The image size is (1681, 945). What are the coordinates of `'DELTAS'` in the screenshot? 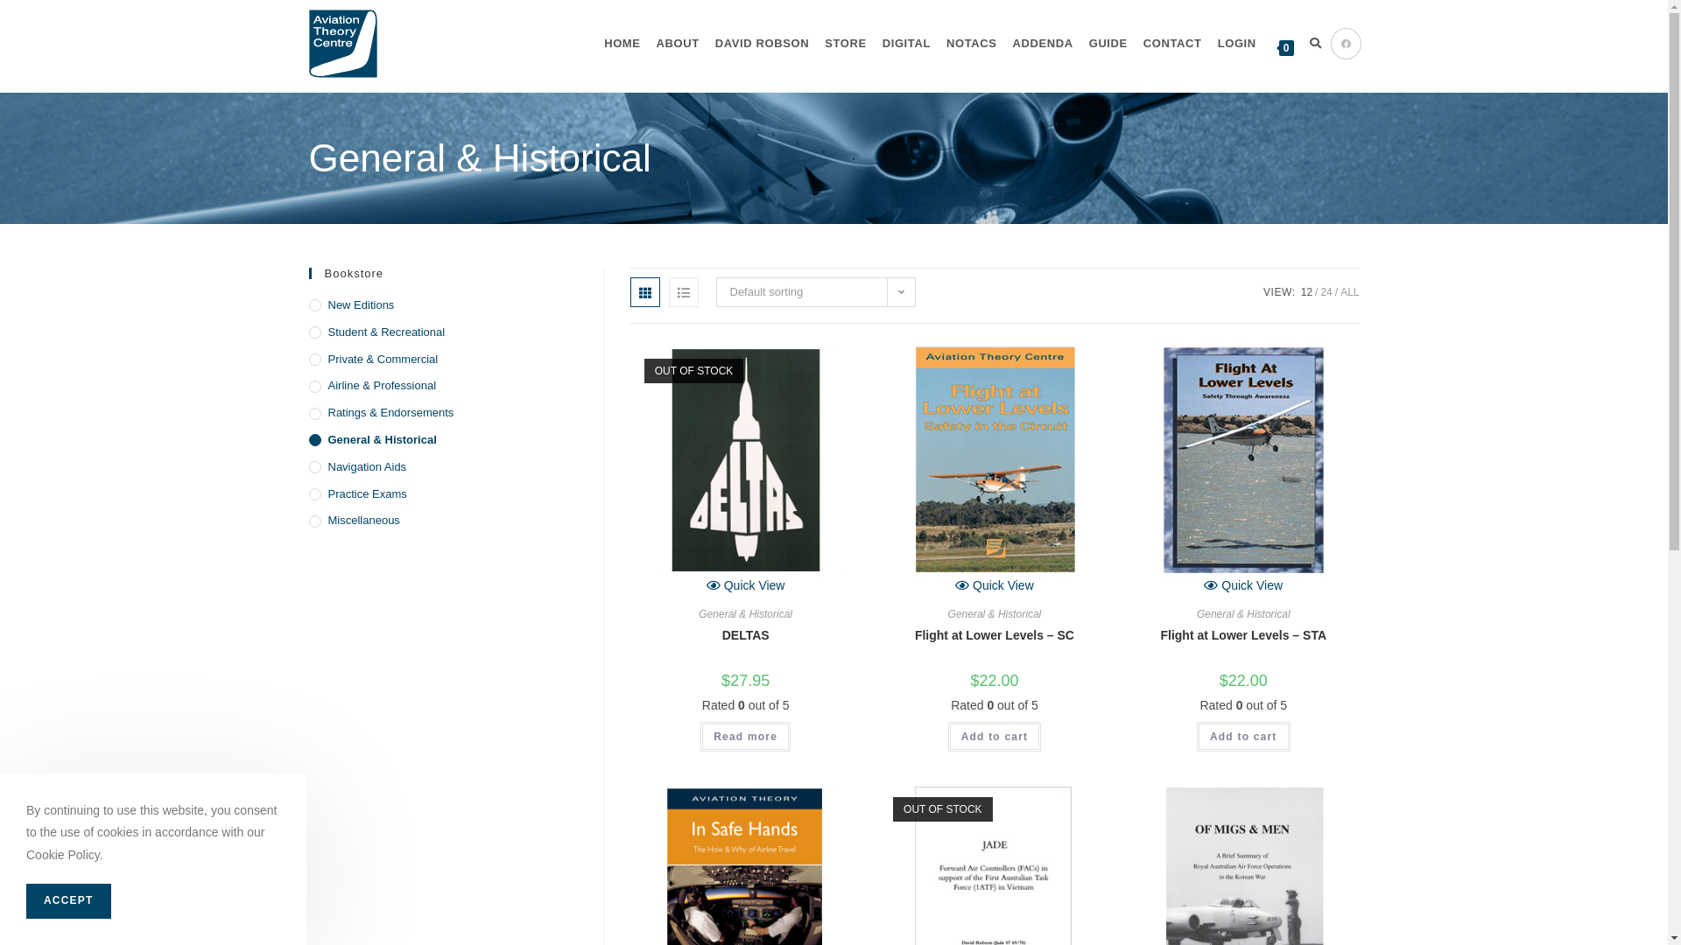 It's located at (722, 635).